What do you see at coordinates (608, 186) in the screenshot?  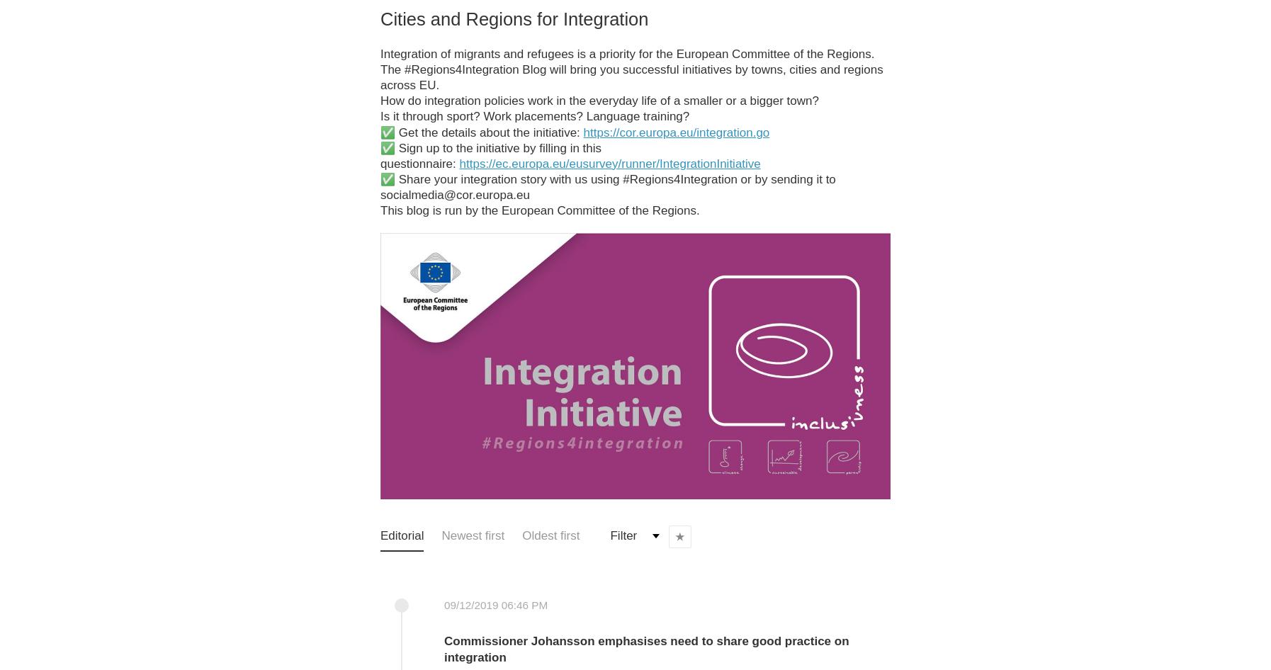 I see `'✅ Share your integration story with us using #Regions4Integration or by sending it to socialmedia@cor.europa.eu'` at bounding box center [608, 186].